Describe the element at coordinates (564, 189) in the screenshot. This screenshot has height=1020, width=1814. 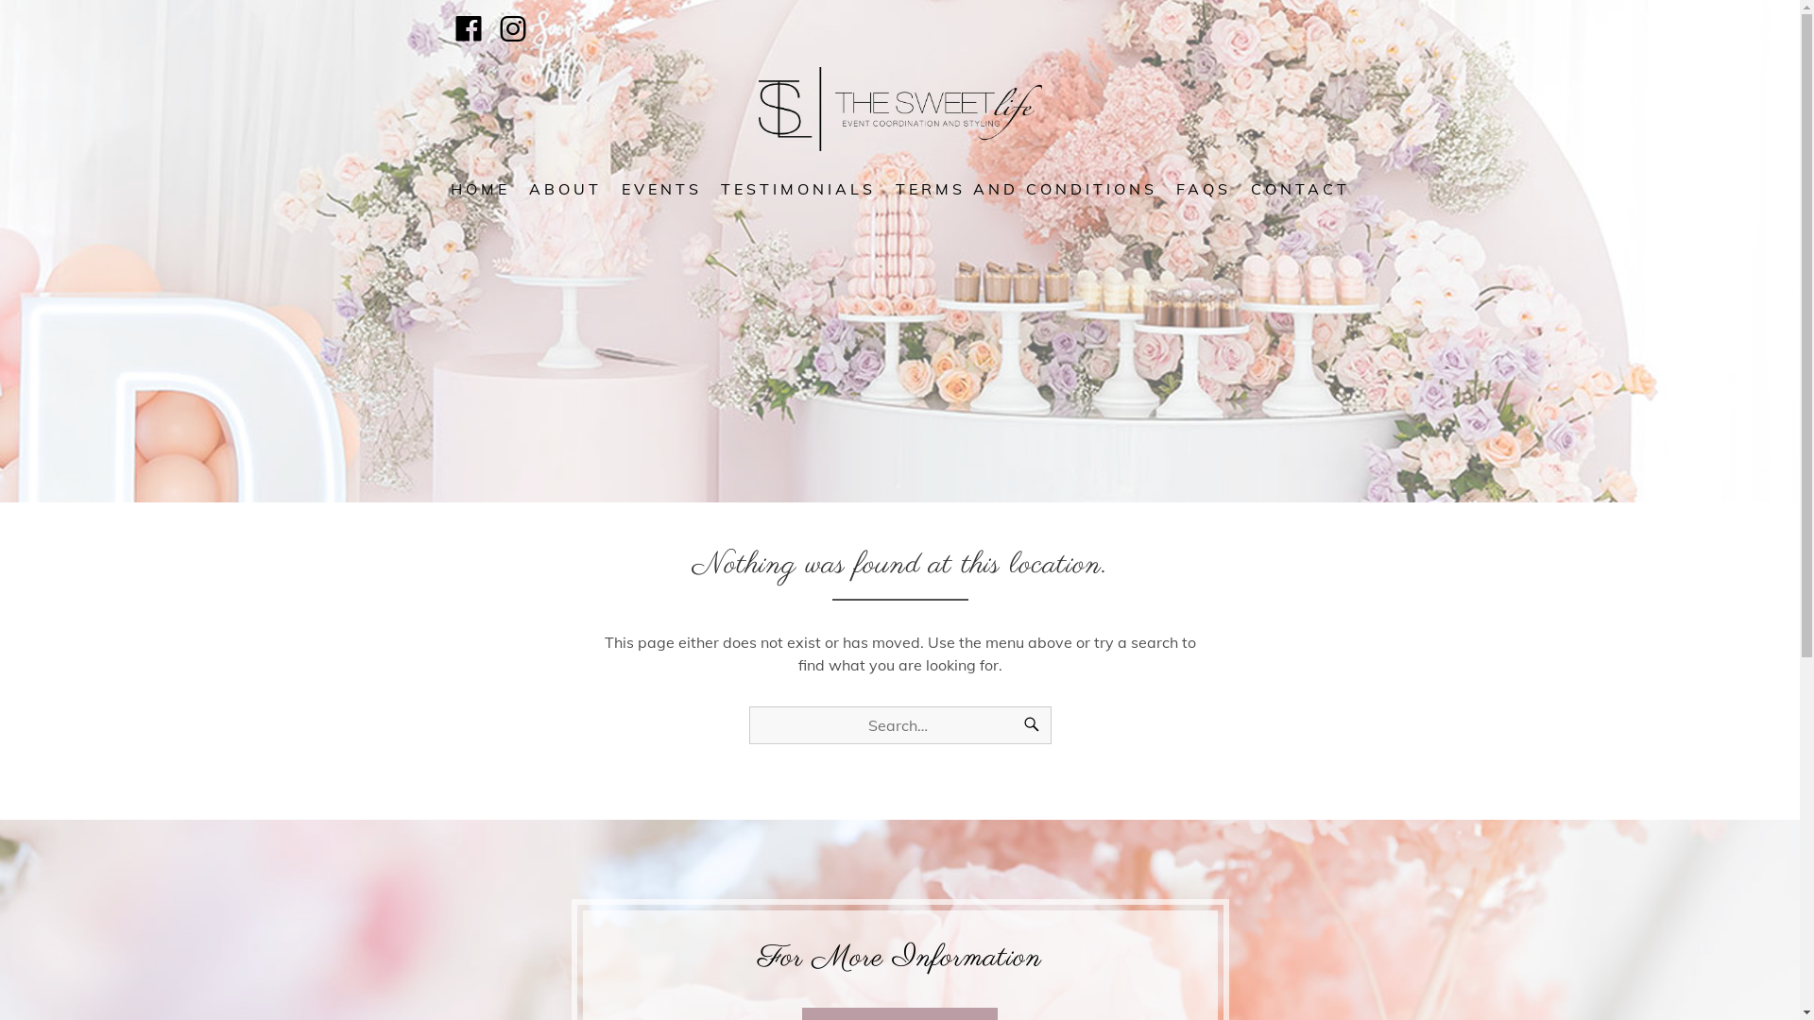
I see `'ABOUT'` at that location.